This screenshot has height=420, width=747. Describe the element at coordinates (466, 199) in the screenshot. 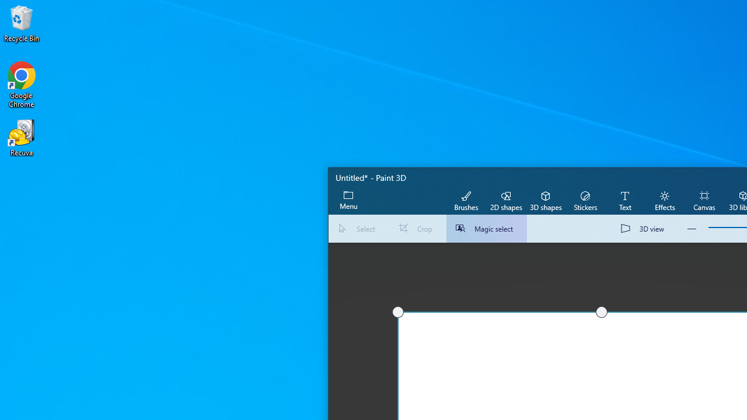

I see `'Brushes'` at that location.